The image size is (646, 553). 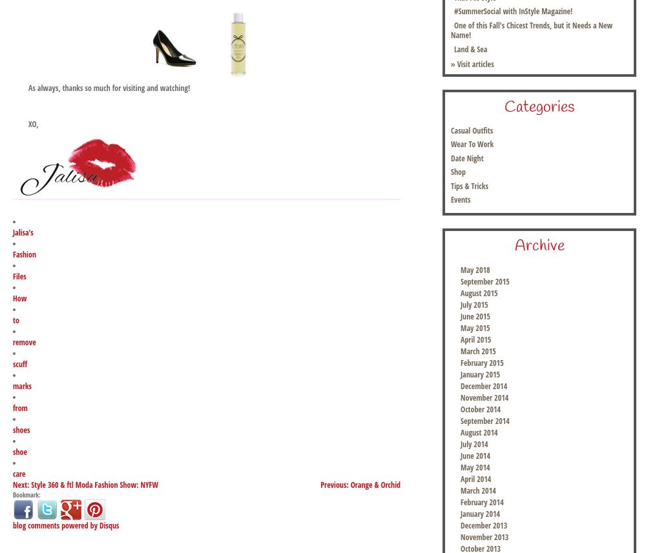 I want to click on 'November 2013', so click(x=484, y=536).